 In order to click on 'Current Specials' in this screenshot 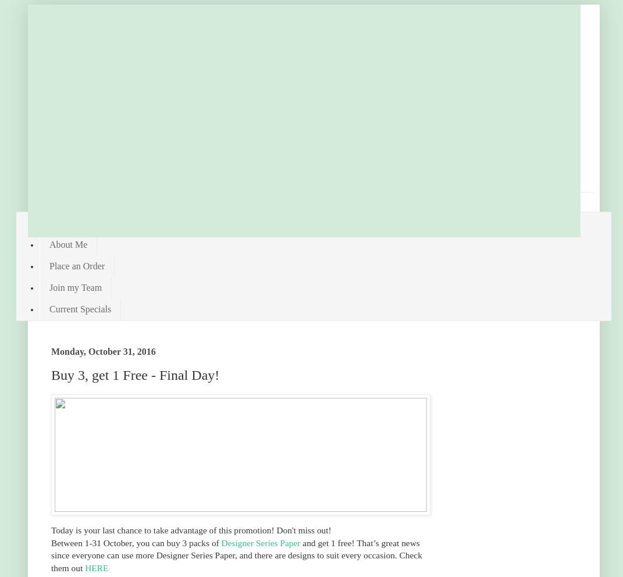, I will do `click(80, 308)`.